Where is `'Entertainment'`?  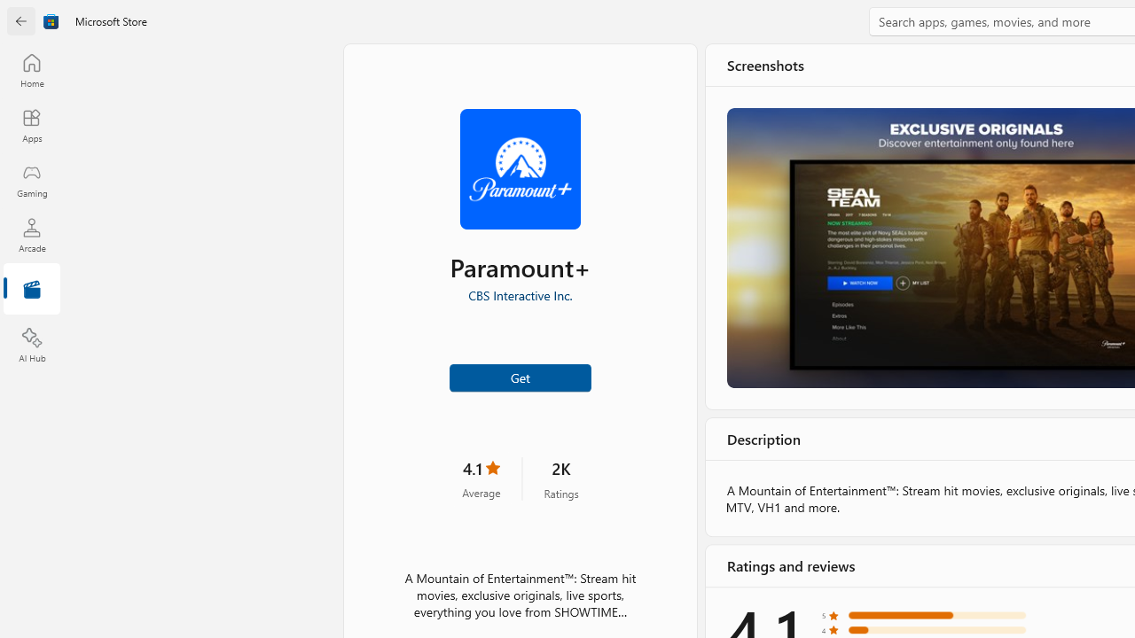 'Entertainment' is located at coordinates (31, 289).